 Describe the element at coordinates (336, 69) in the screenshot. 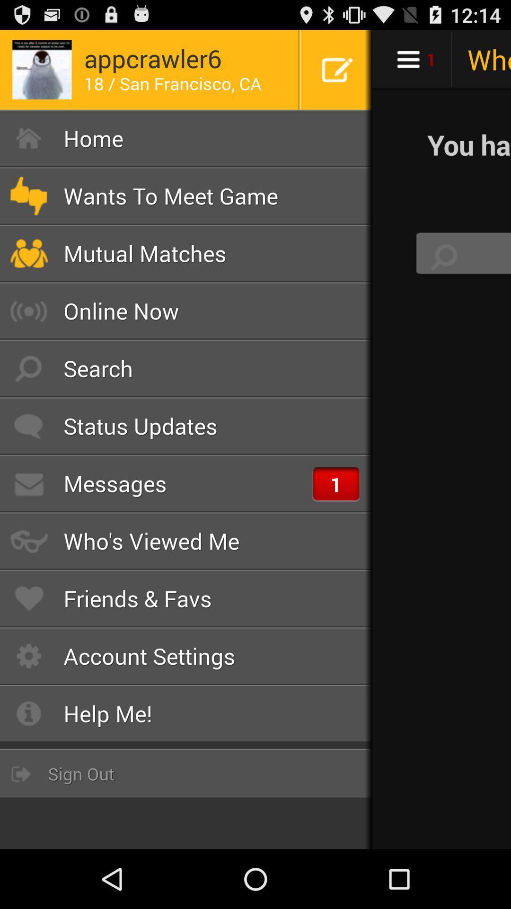

I see `icon at the top right corner` at that location.